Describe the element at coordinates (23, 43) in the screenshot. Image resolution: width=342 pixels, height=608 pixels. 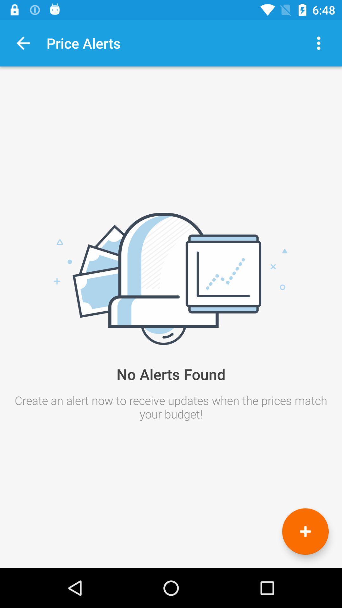
I see `the icon above no alerts found item` at that location.